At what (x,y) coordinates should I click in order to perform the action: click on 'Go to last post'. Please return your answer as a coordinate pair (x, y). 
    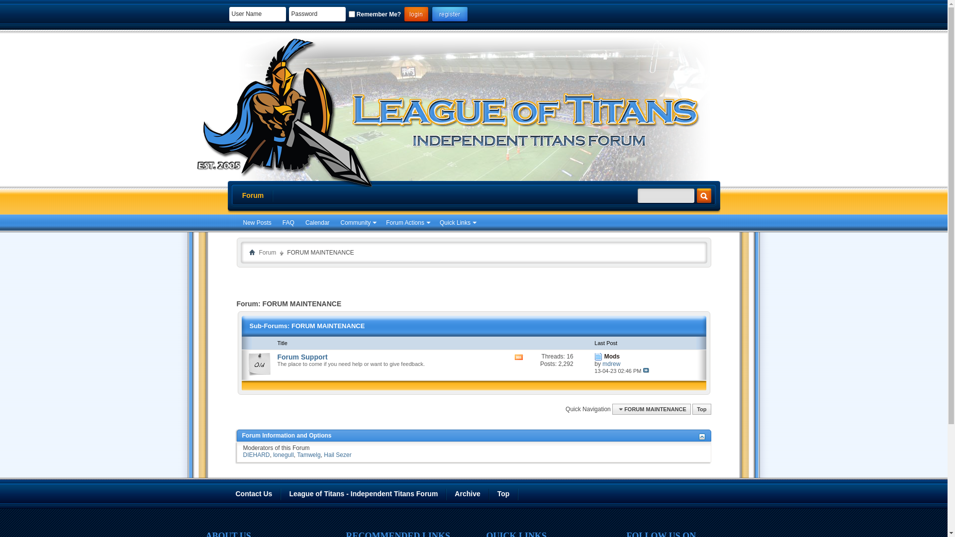
    Looking at the image, I should click on (646, 370).